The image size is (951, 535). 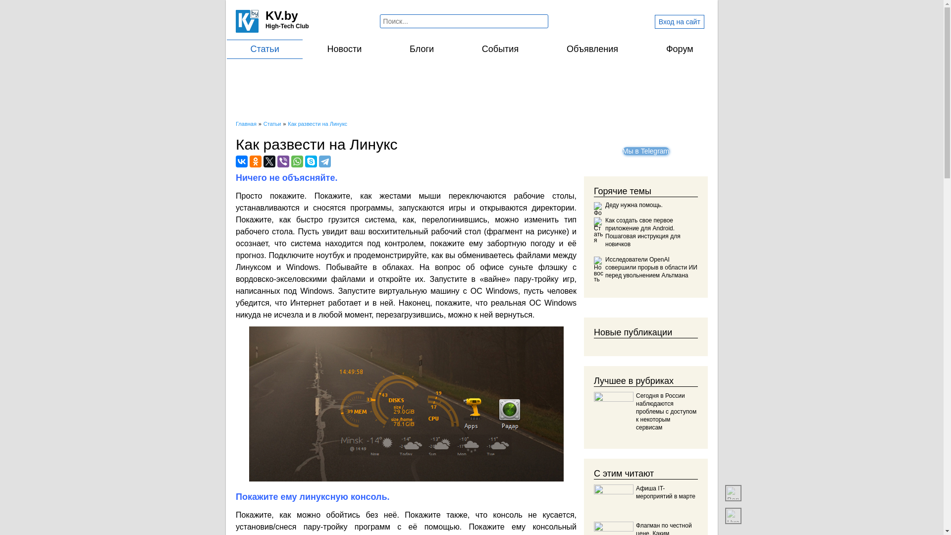 What do you see at coordinates (318, 161) in the screenshot?
I see `'Telegram'` at bounding box center [318, 161].